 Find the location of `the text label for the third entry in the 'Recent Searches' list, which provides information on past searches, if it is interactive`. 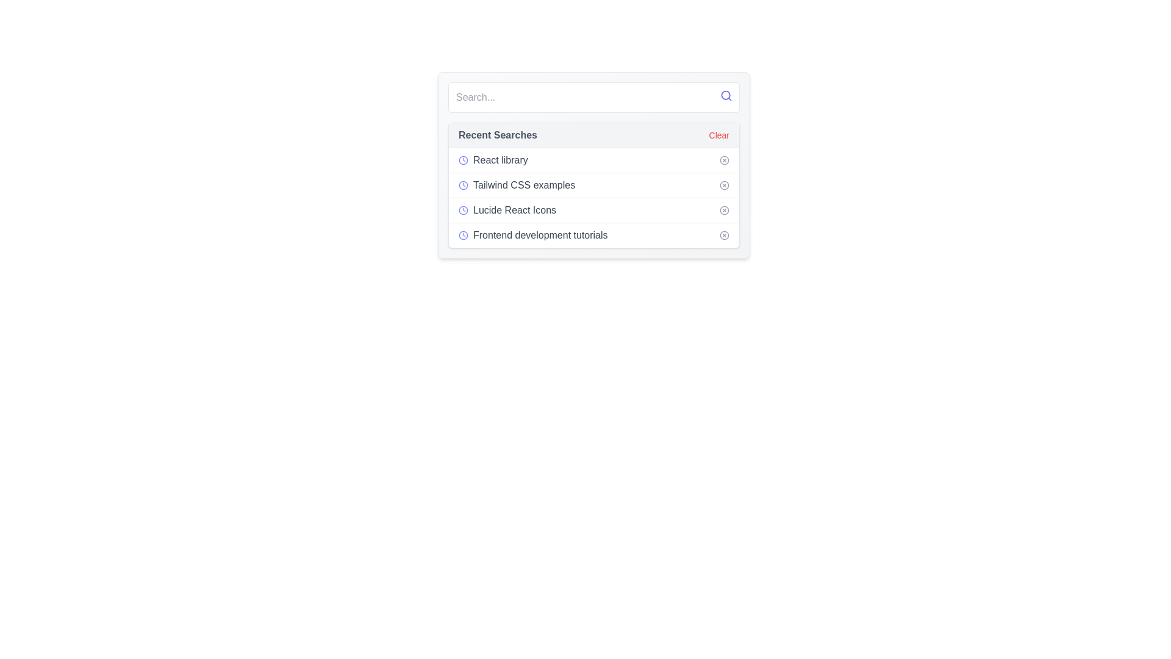

the text label for the third entry in the 'Recent Searches' list, which provides information on past searches, if it is interactive is located at coordinates (515, 209).